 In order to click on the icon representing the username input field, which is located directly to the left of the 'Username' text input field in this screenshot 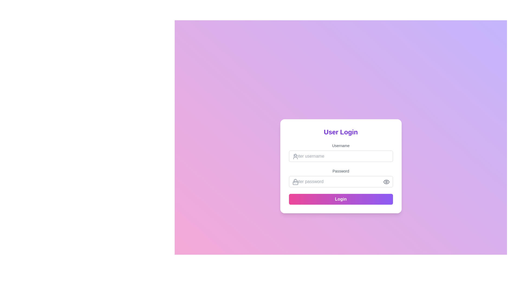, I will do `click(295, 156)`.